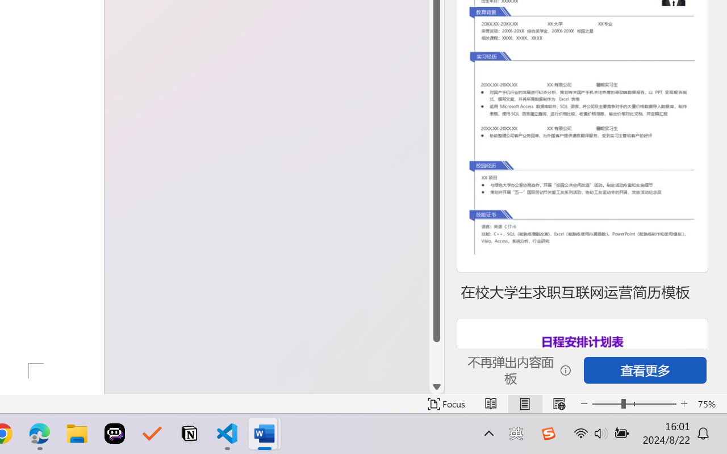 The width and height of the screenshot is (727, 454). What do you see at coordinates (491, 403) in the screenshot?
I see `'Read Mode'` at bounding box center [491, 403].